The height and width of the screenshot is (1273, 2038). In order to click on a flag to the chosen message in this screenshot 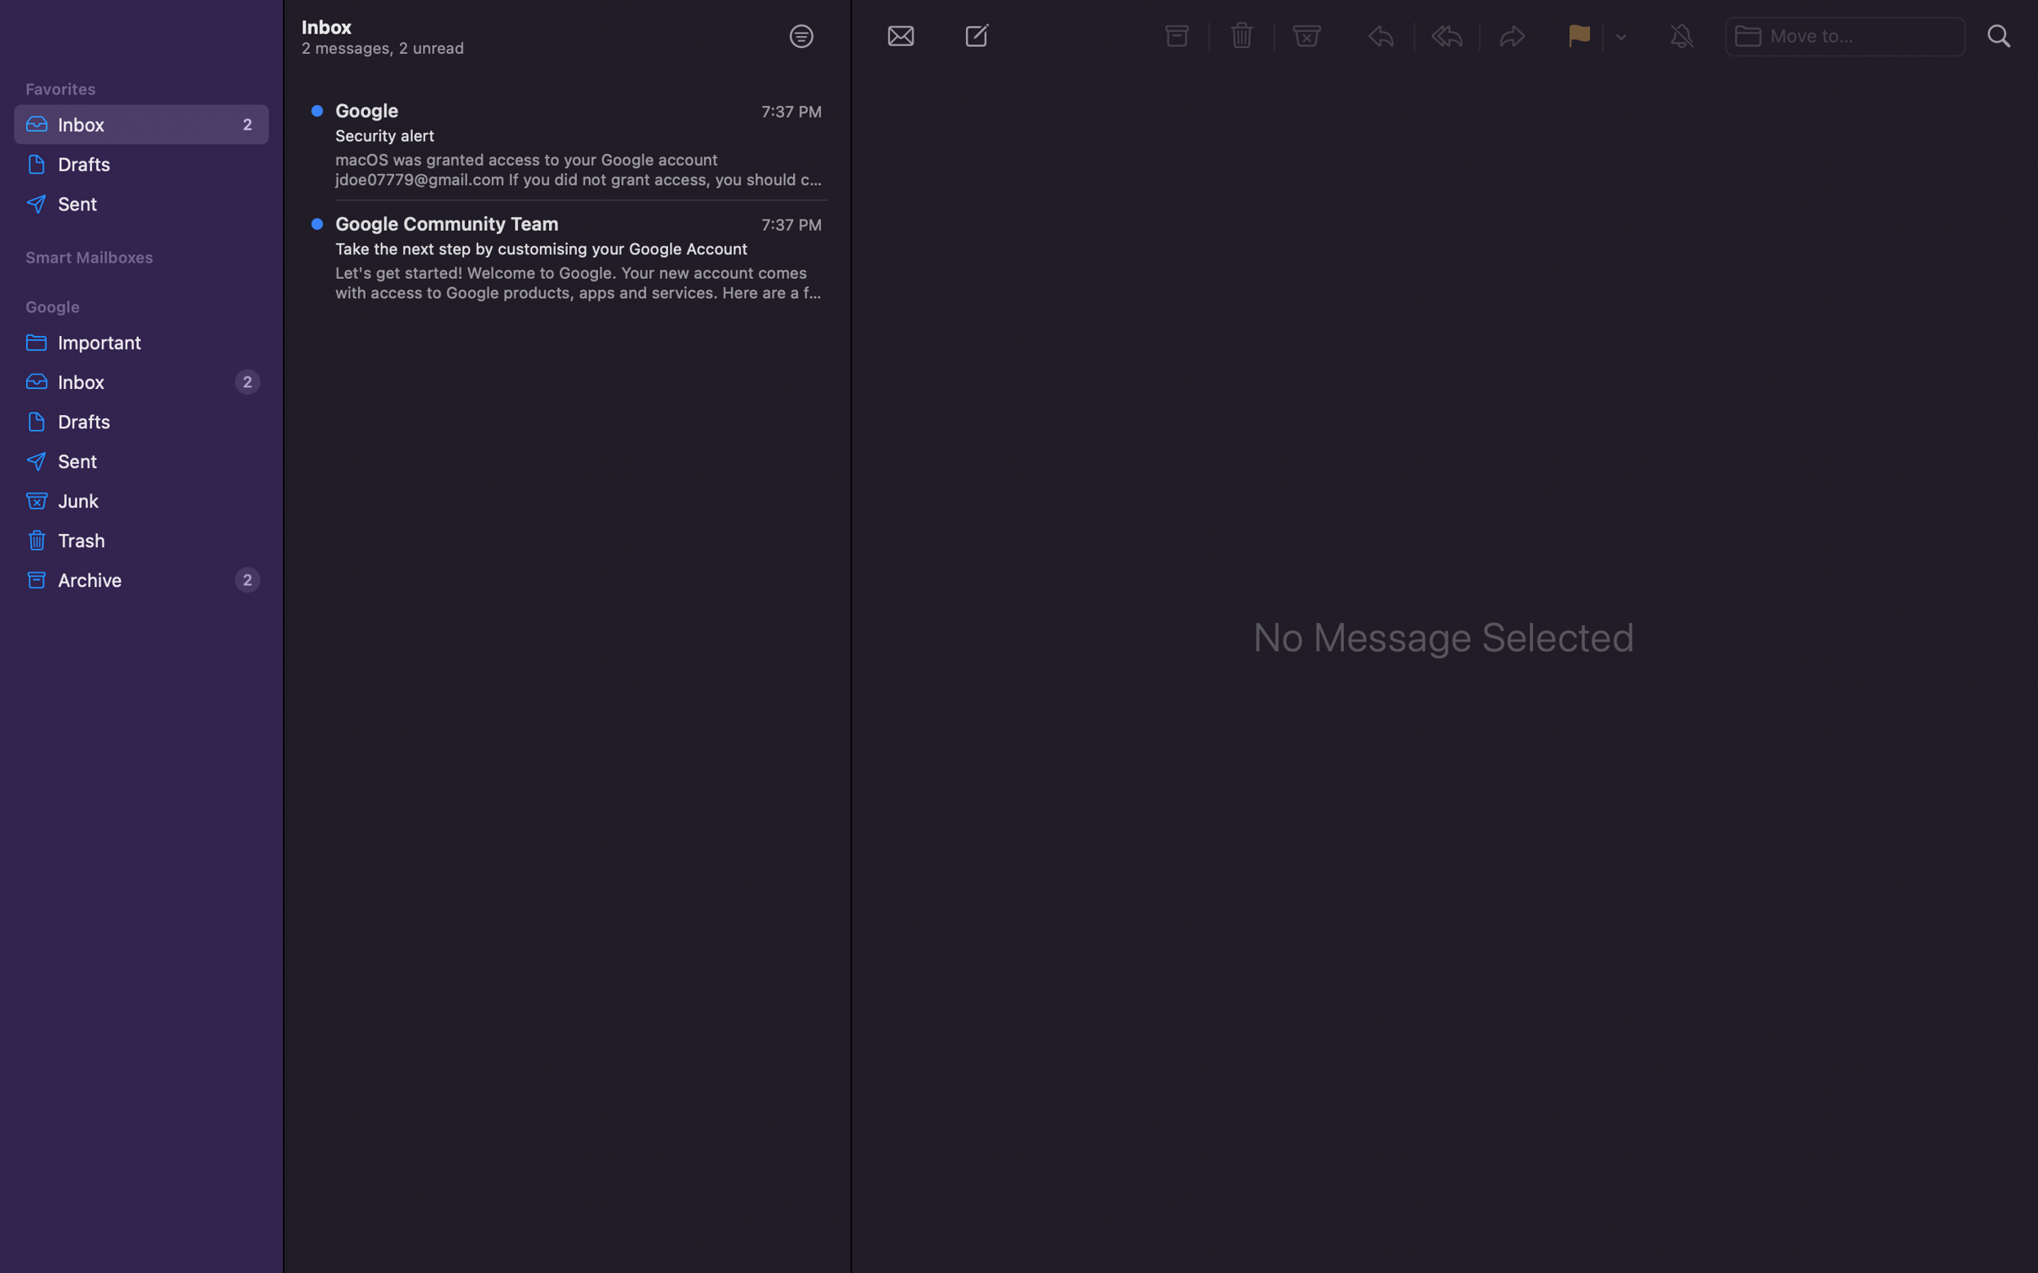, I will do `click(1579, 35)`.